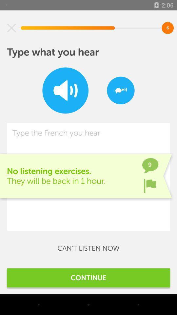  Describe the element at coordinates (150, 186) in the screenshot. I see `icon next to no listening exercises item` at that location.